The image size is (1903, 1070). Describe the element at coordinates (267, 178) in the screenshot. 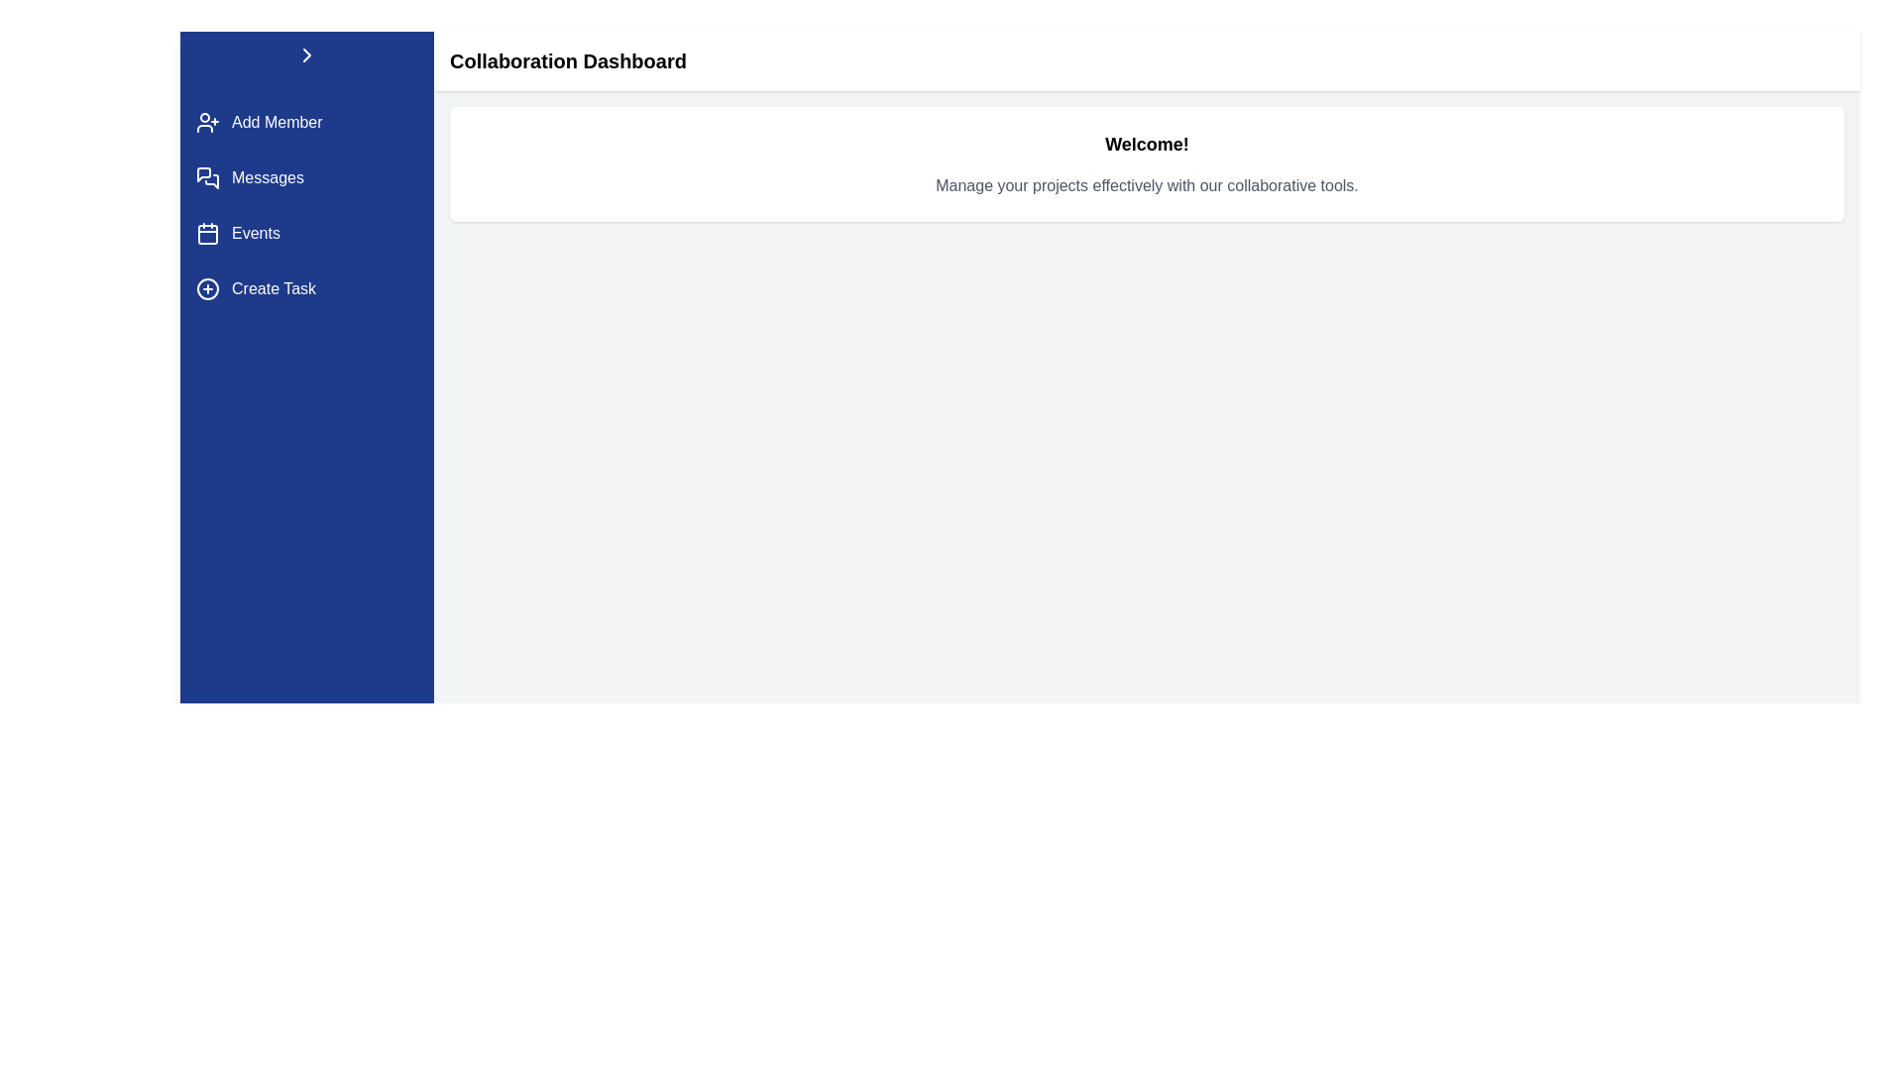

I see `the clickable text label for navigating to the 'Messages' section in the sidebar menu` at that location.